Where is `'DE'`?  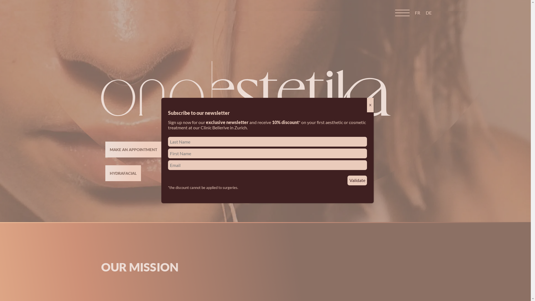
'DE' is located at coordinates (425, 13).